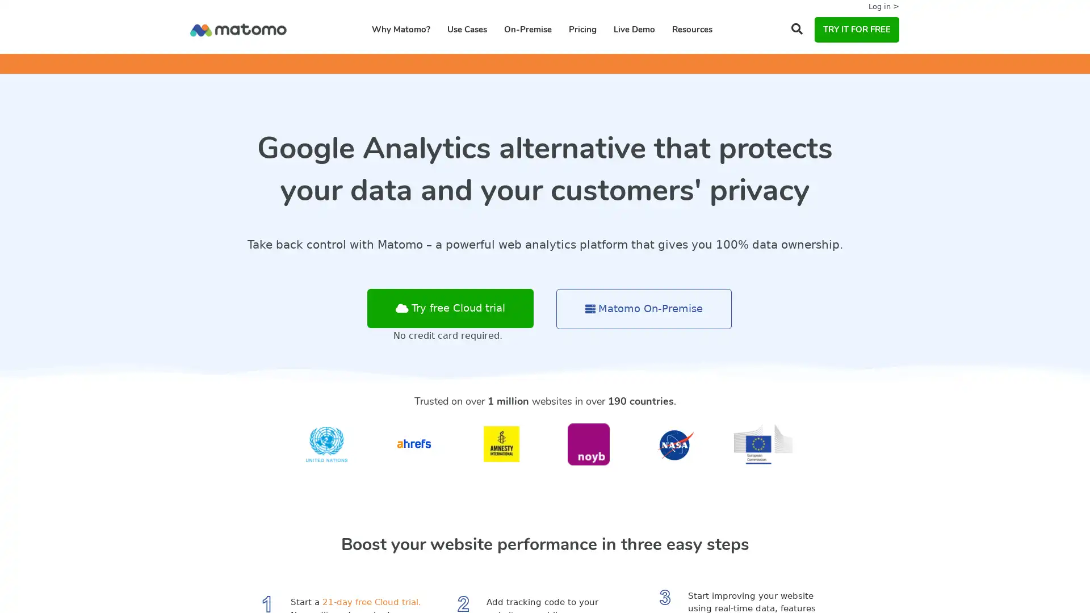  Describe the element at coordinates (450, 308) in the screenshot. I see `Try free Cloud trial` at that location.